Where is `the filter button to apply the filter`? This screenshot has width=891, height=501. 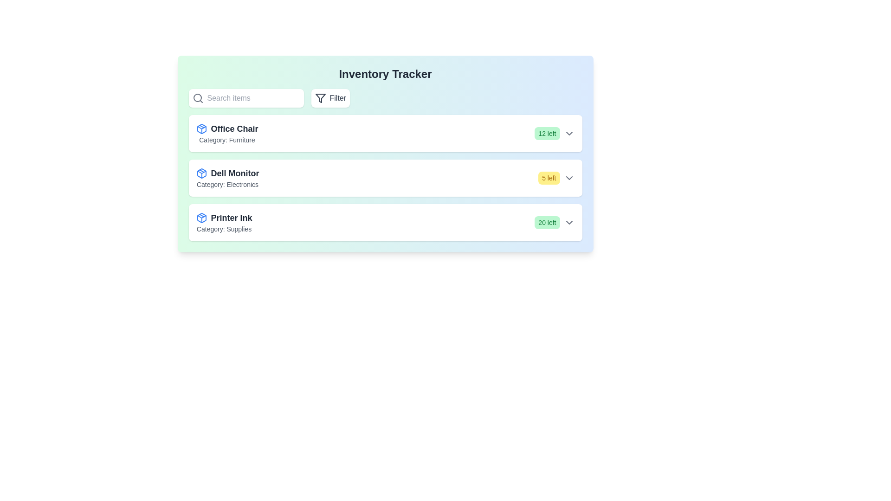
the filter button to apply the filter is located at coordinates (330, 98).